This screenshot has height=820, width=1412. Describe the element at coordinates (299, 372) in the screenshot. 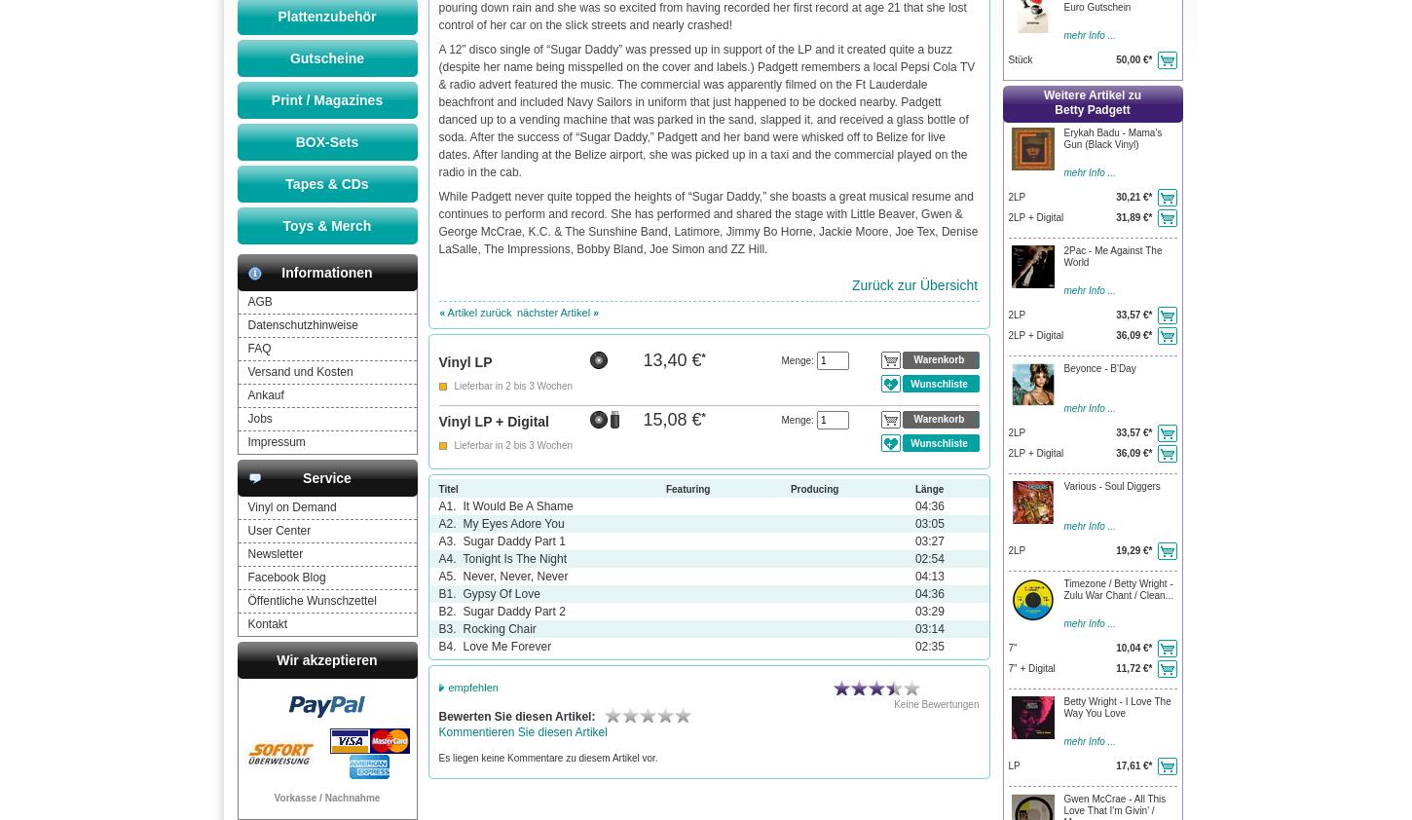

I see `'Versand und Kosten'` at that location.